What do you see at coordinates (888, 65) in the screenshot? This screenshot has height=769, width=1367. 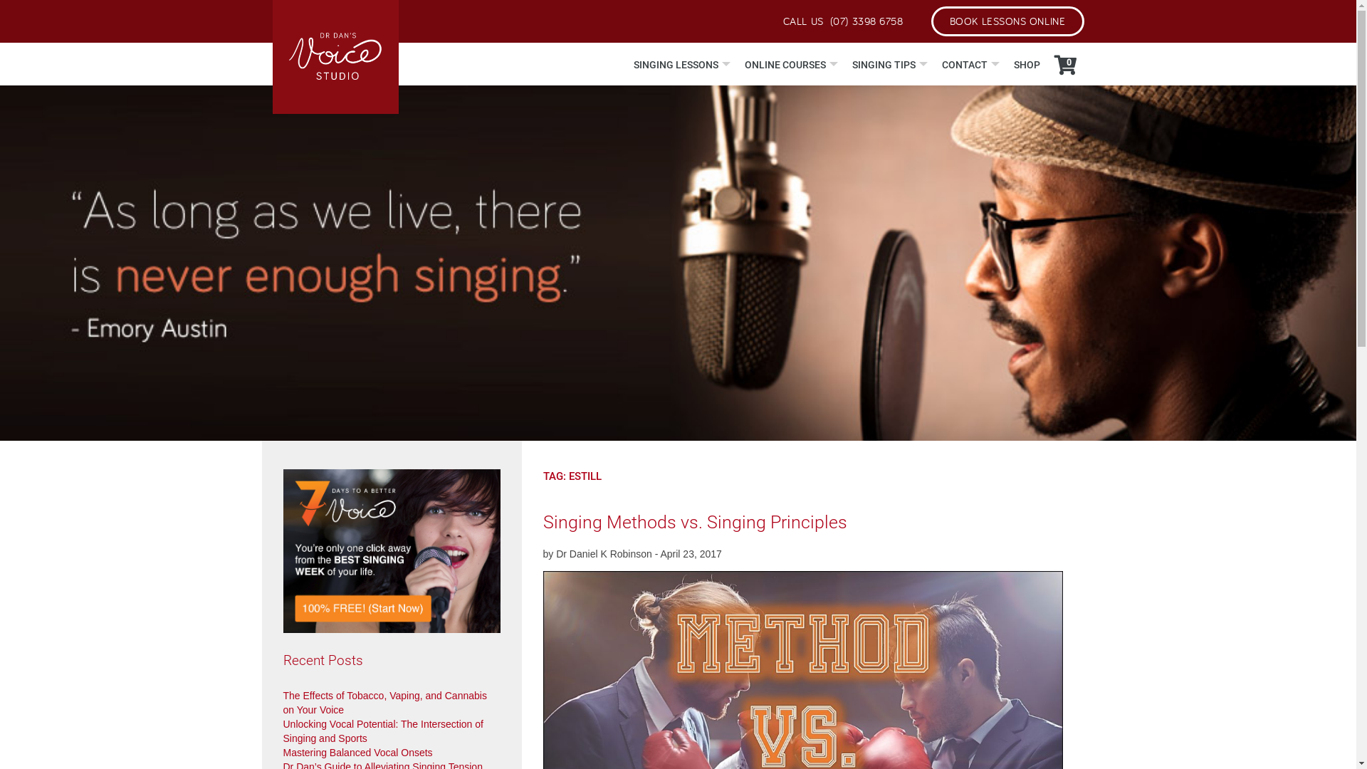 I see `'SINGING TIPS'` at bounding box center [888, 65].